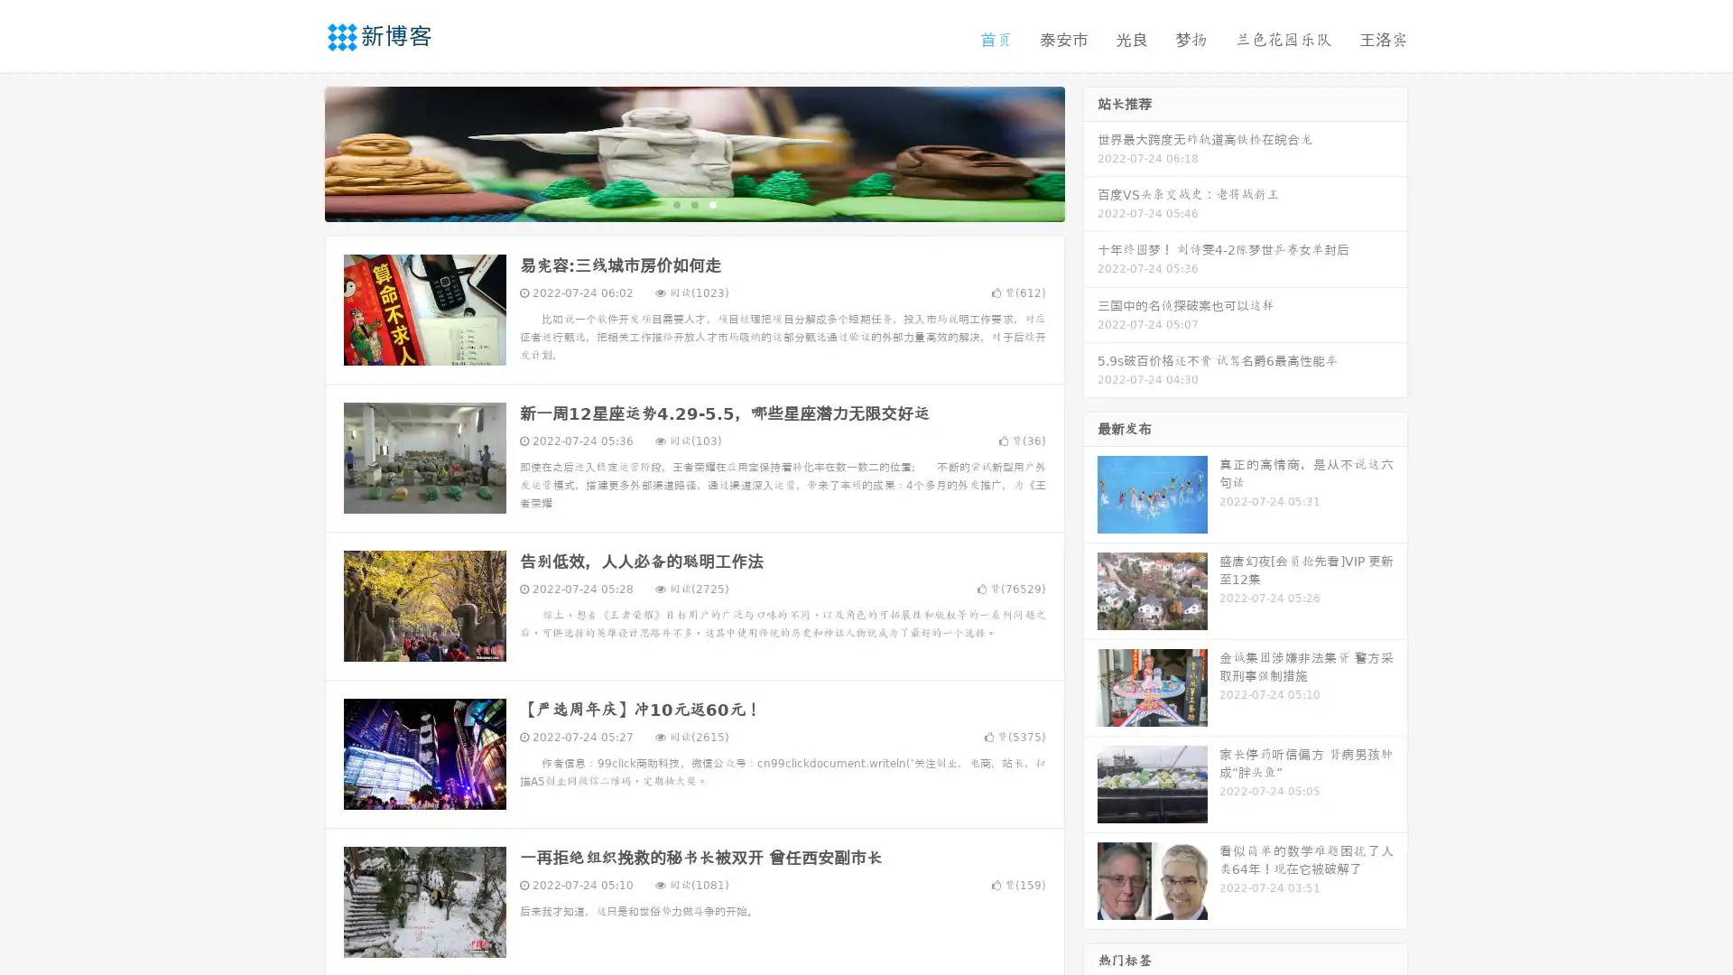  I want to click on Next slide, so click(1090, 152).